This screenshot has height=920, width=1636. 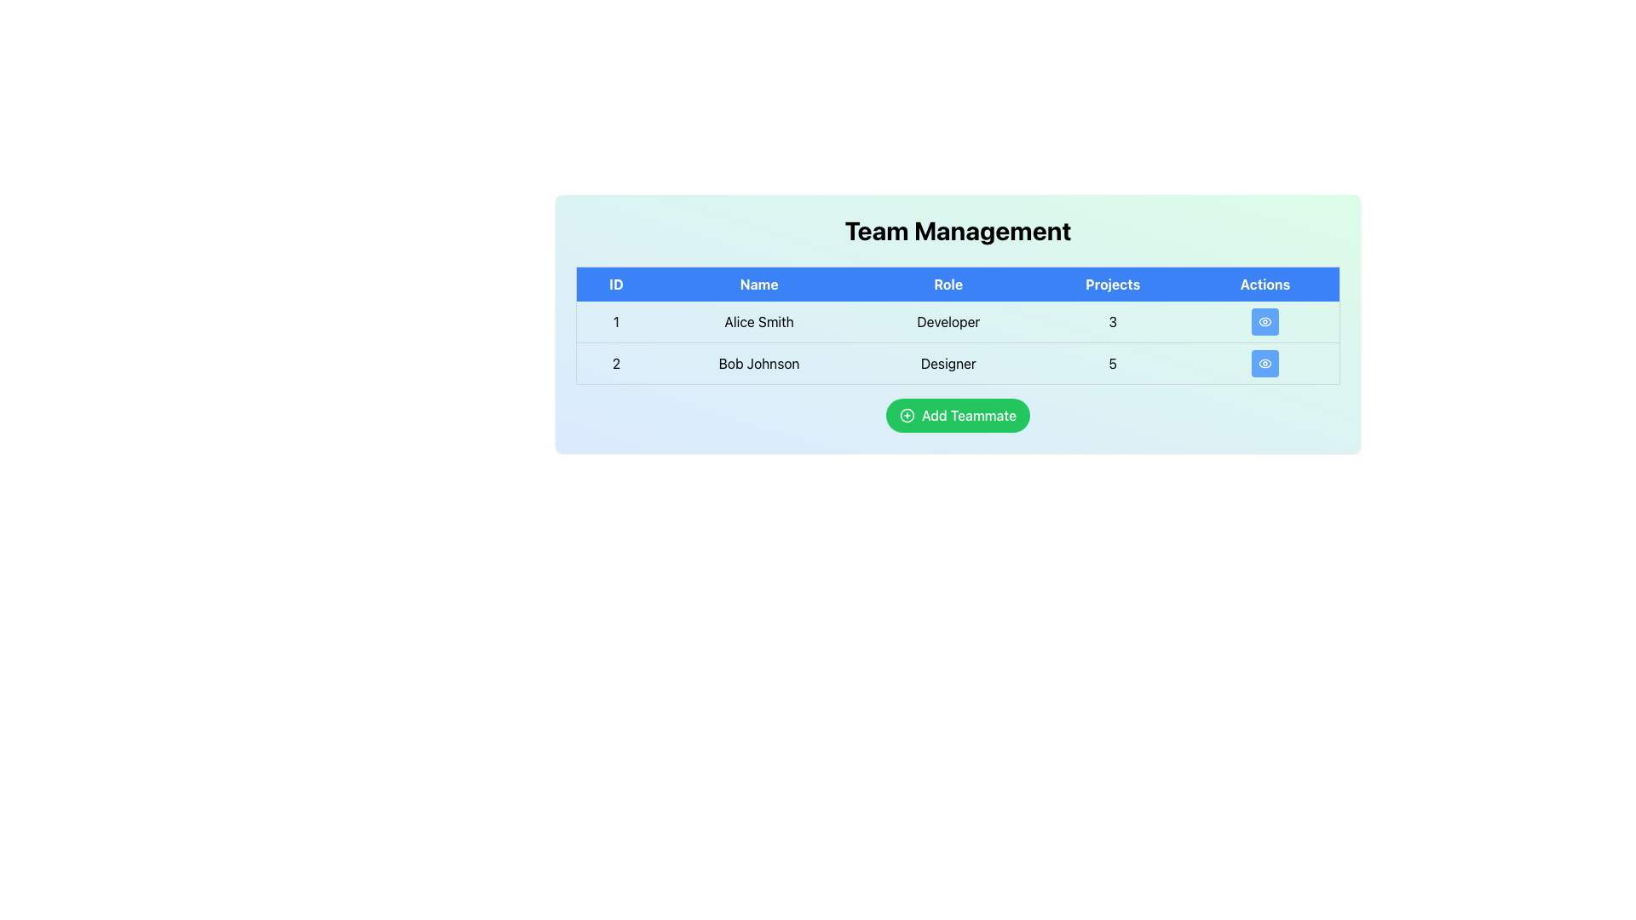 What do you see at coordinates (1265, 322) in the screenshot?
I see `the blue rectangular icon button with a white eye icon located in the 'Actions' column aligned with 'Alice Smith'` at bounding box center [1265, 322].